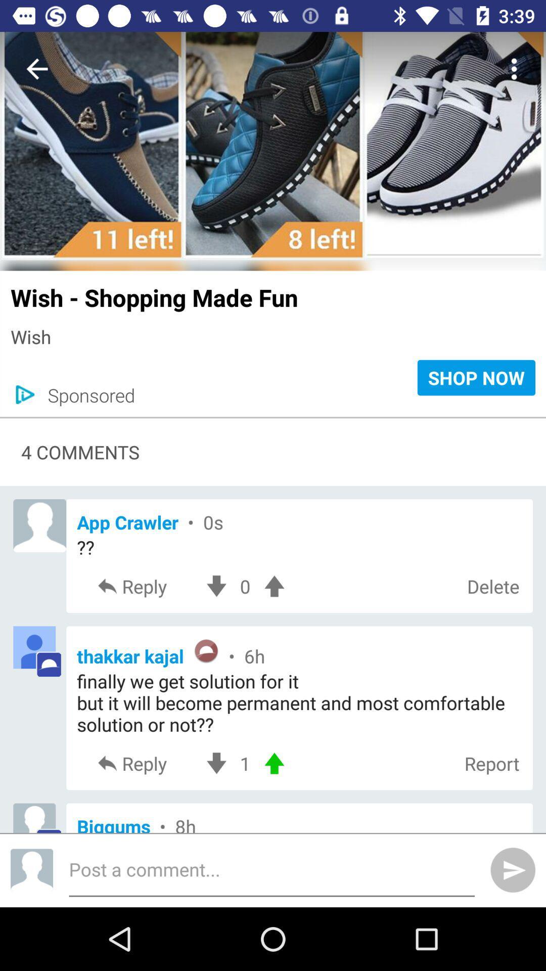 The height and width of the screenshot is (971, 546). What do you see at coordinates (85, 394) in the screenshot?
I see `the item below the wish` at bounding box center [85, 394].